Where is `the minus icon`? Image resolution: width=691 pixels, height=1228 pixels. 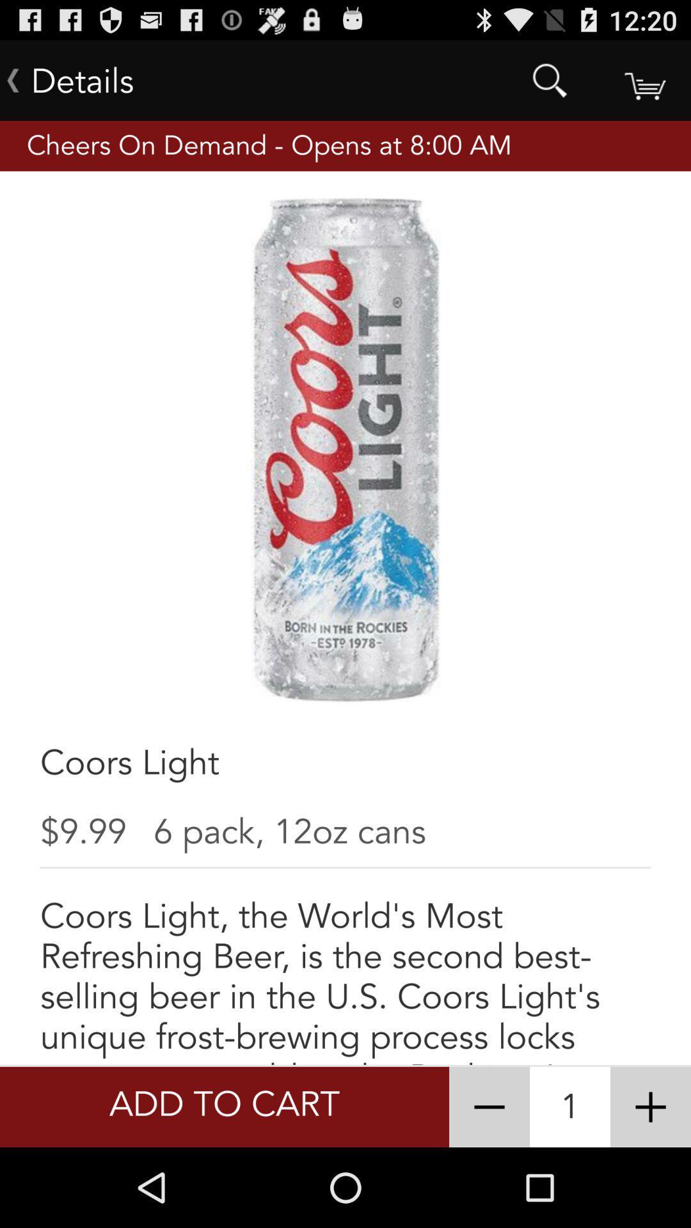 the minus icon is located at coordinates (489, 1184).